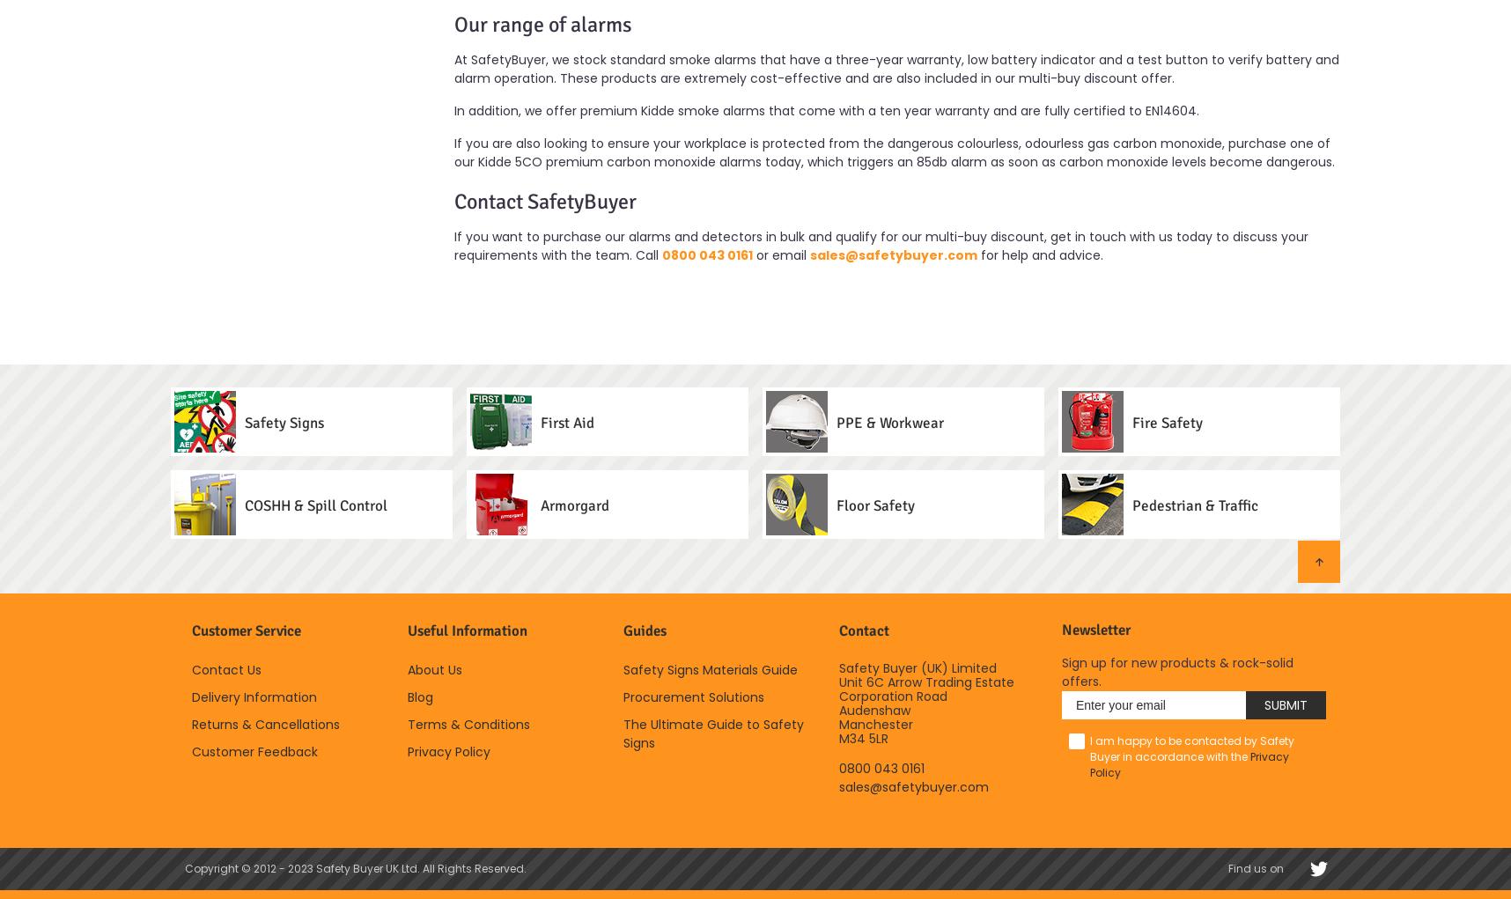  I want to click on 'Blog', so click(419, 695).